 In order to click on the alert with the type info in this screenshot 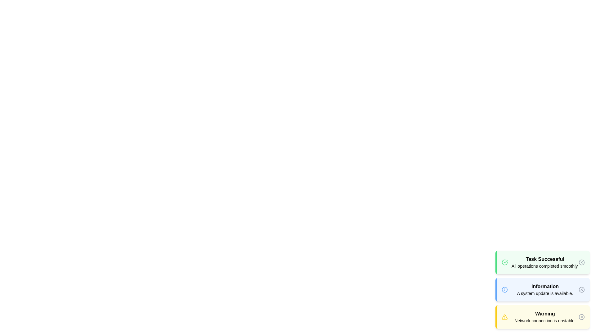, I will do `click(542, 289)`.